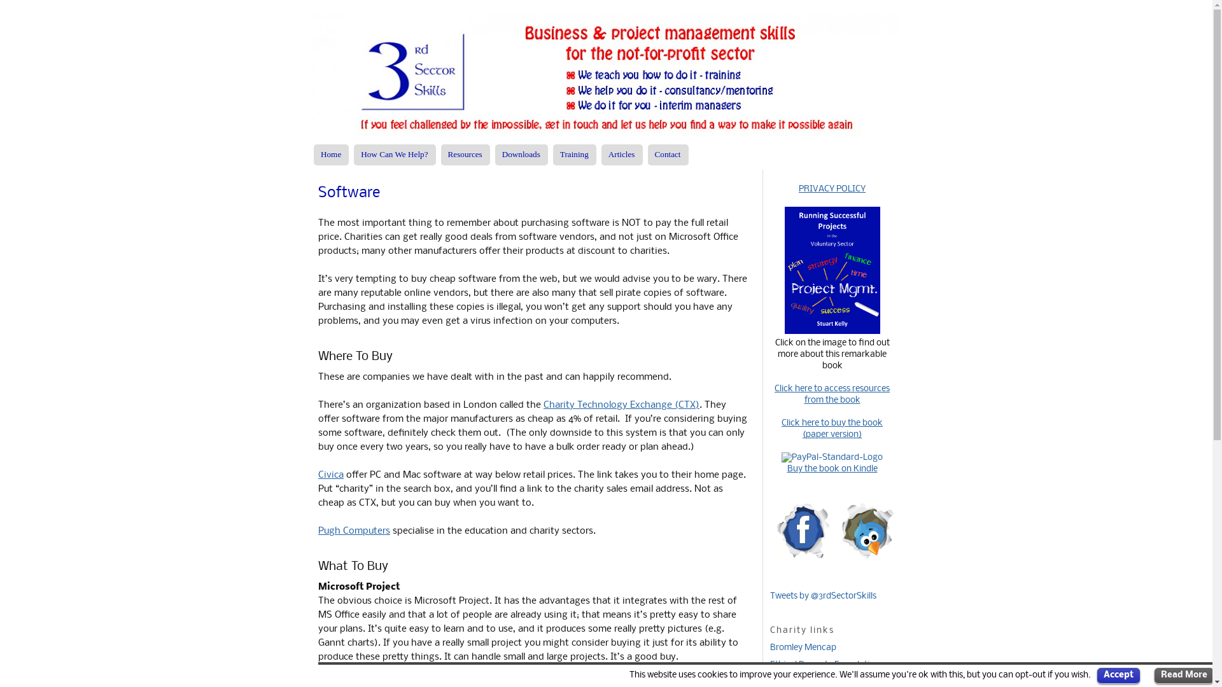 The image size is (1222, 687). I want to click on 'Ethical Property Foundation', so click(825, 664).